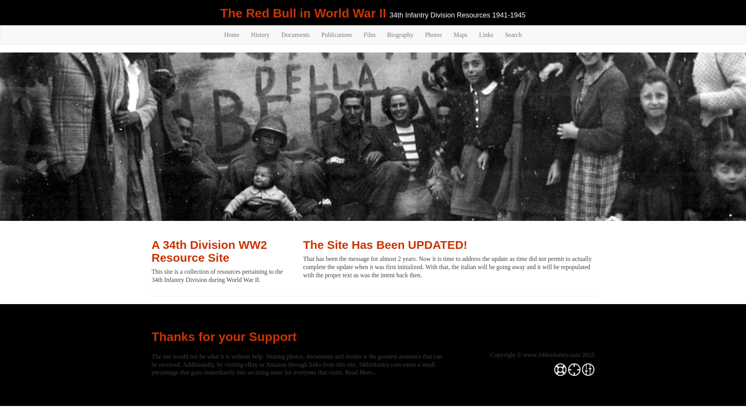 This screenshot has width=746, height=420. Describe the element at coordinates (336, 34) in the screenshot. I see `'Publications'` at that location.